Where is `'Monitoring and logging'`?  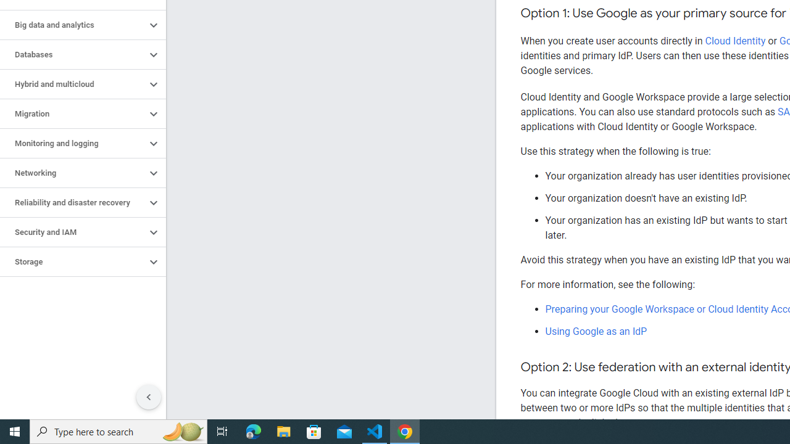 'Monitoring and logging' is located at coordinates (72, 142).